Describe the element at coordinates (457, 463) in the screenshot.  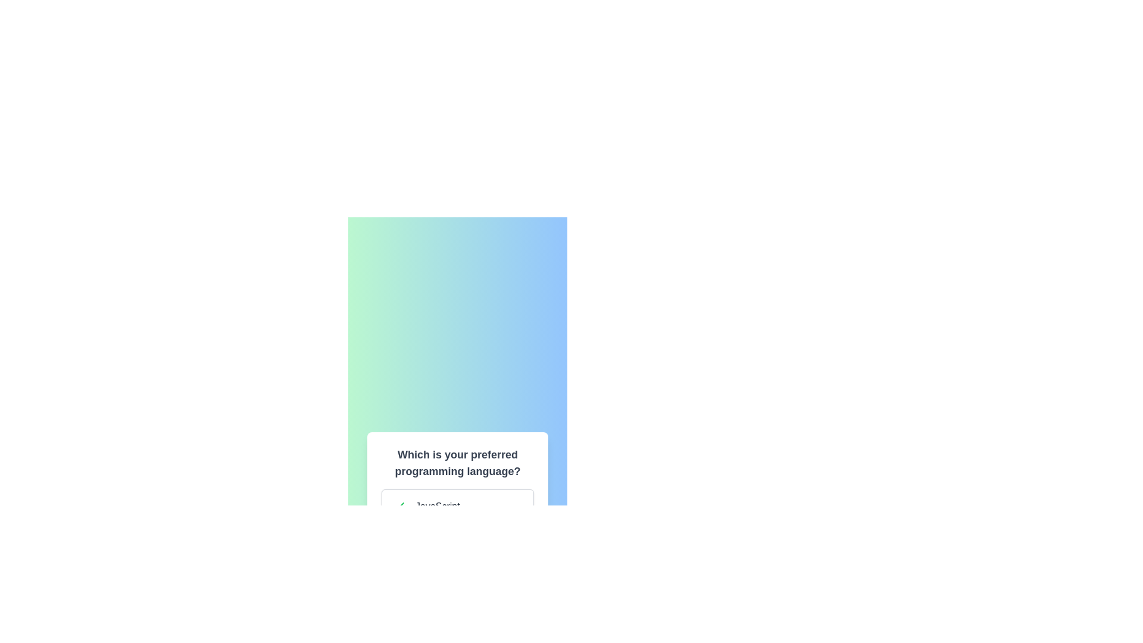
I see `text prompt asking the user to choose their preferred programming language, which is displayed at the top of the options list` at that location.